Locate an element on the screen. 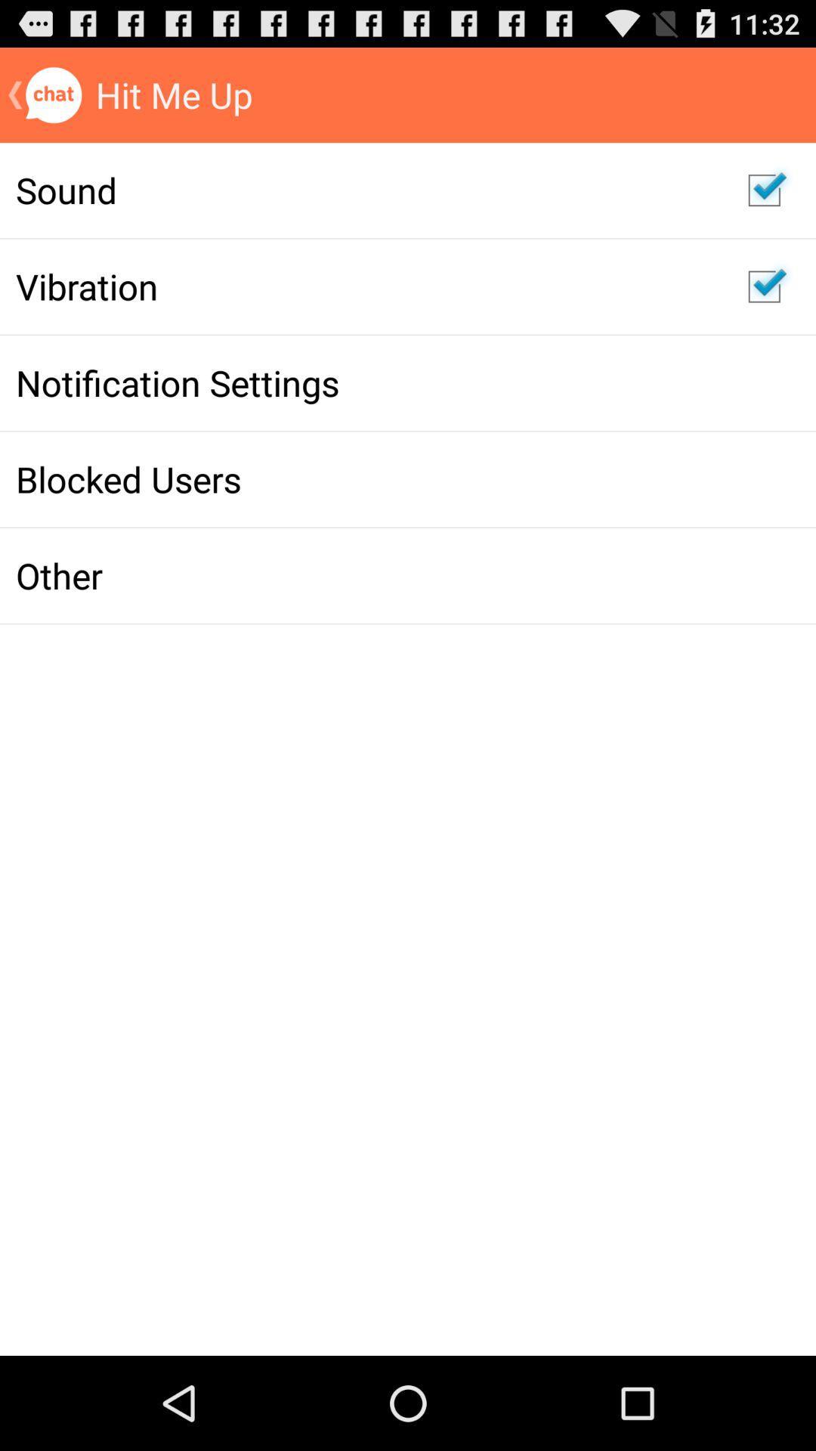  vibration checkbox is located at coordinates (764, 286).